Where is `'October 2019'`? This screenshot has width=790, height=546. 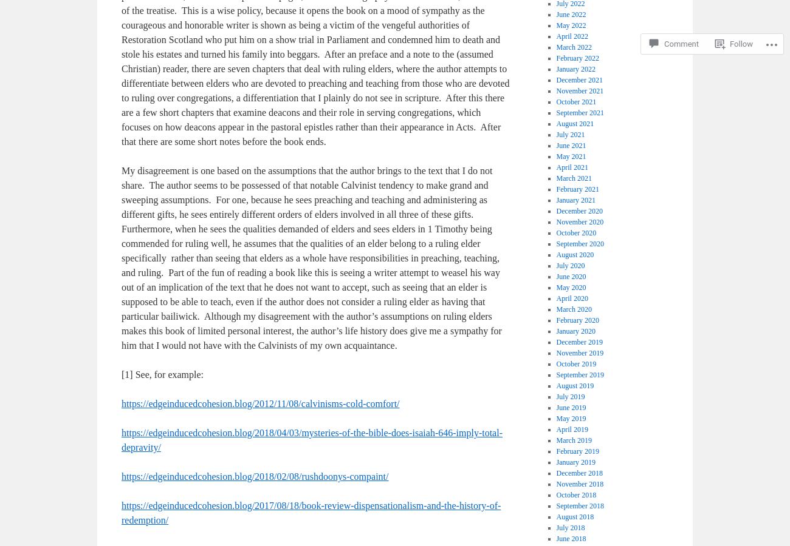 'October 2019' is located at coordinates (575, 364).